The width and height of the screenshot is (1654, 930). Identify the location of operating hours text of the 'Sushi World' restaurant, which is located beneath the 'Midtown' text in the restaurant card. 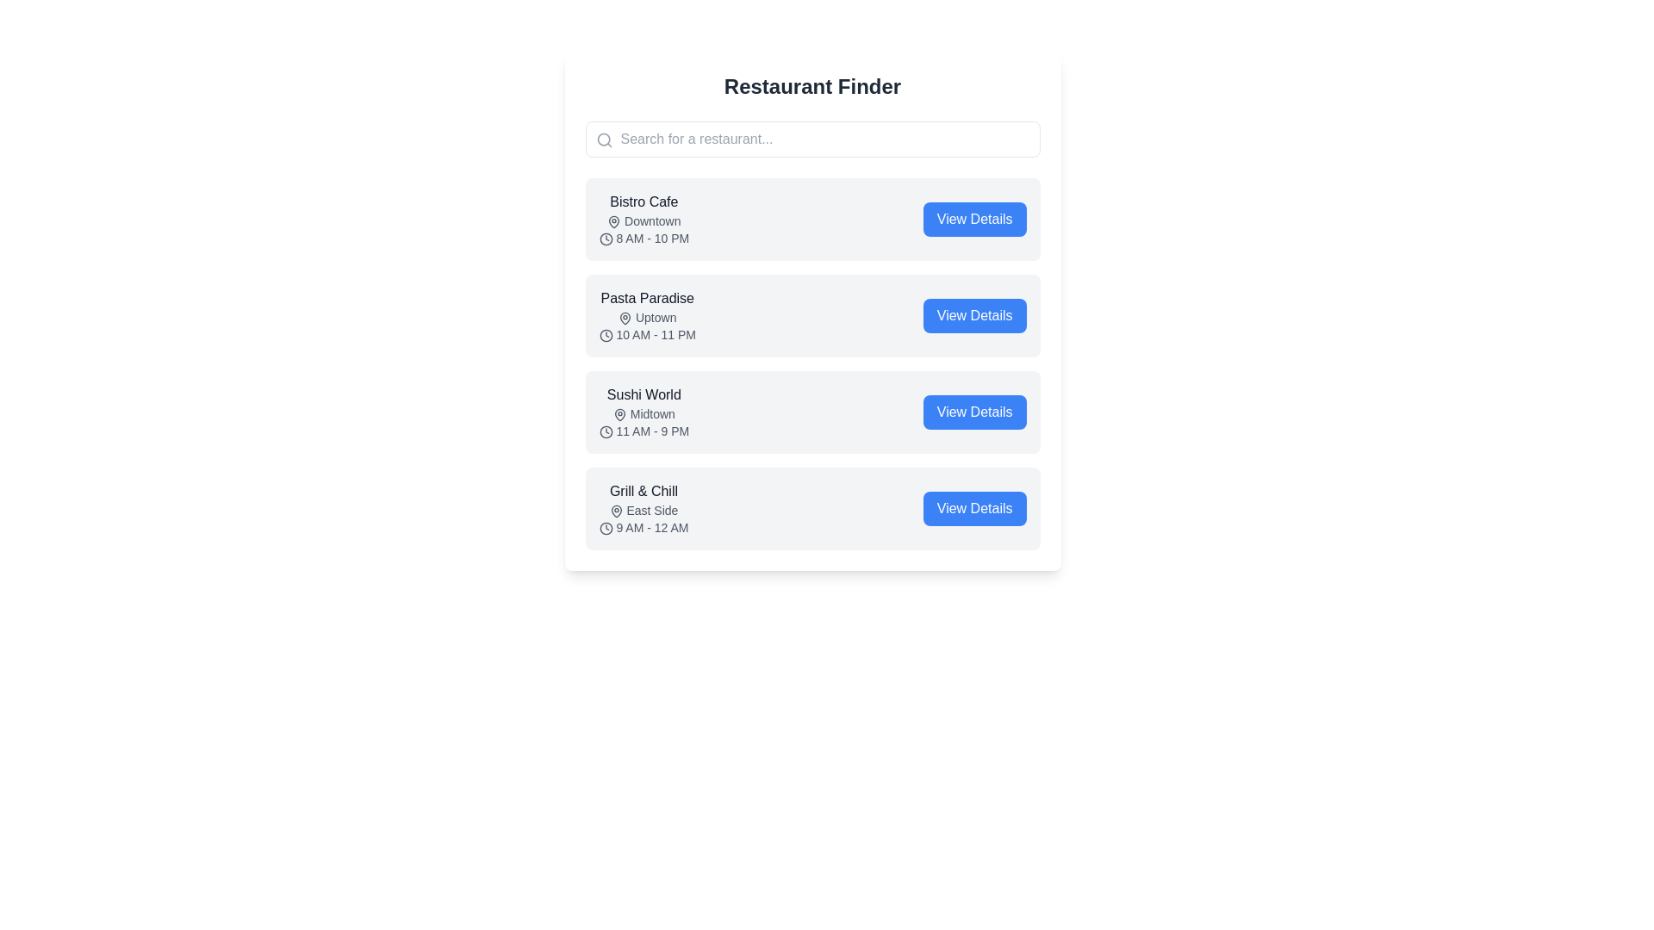
(643, 431).